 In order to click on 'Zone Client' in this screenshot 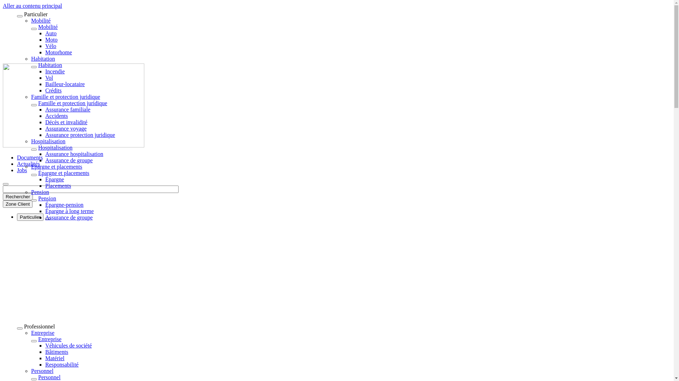, I will do `click(17, 204)`.